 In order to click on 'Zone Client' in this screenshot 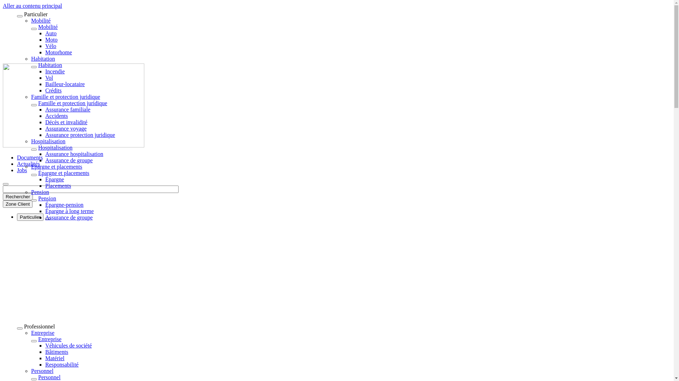, I will do `click(17, 204)`.